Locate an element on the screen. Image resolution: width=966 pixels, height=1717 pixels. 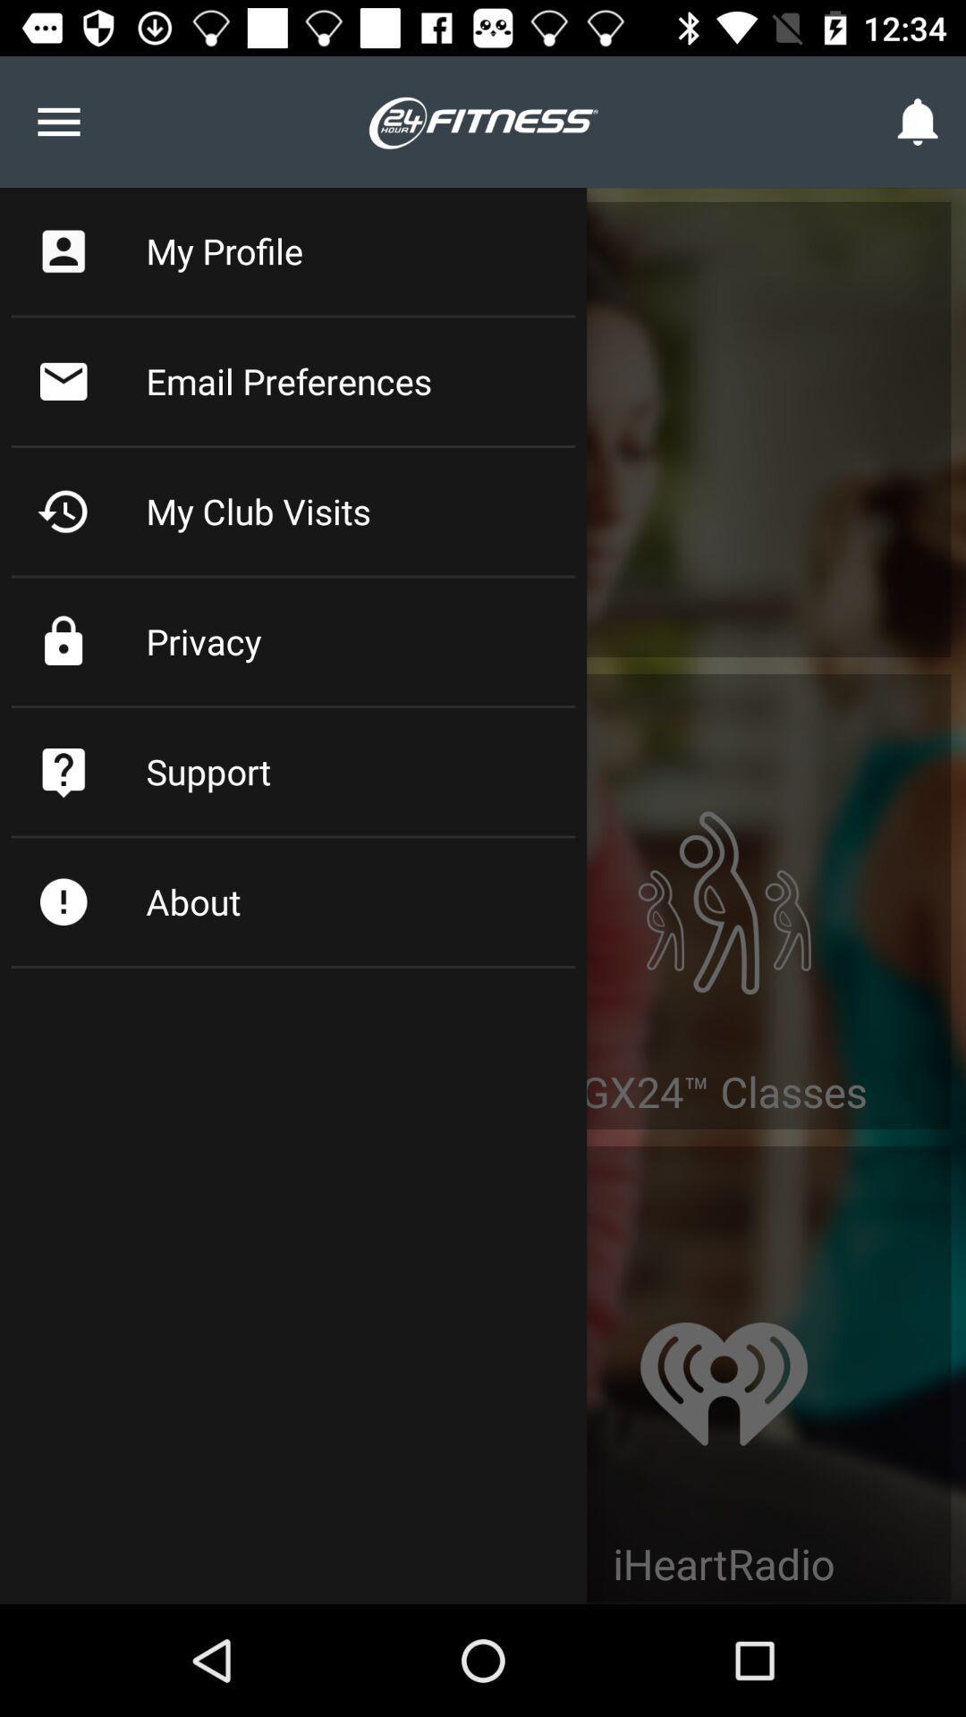
bell icon is located at coordinates (919, 121).